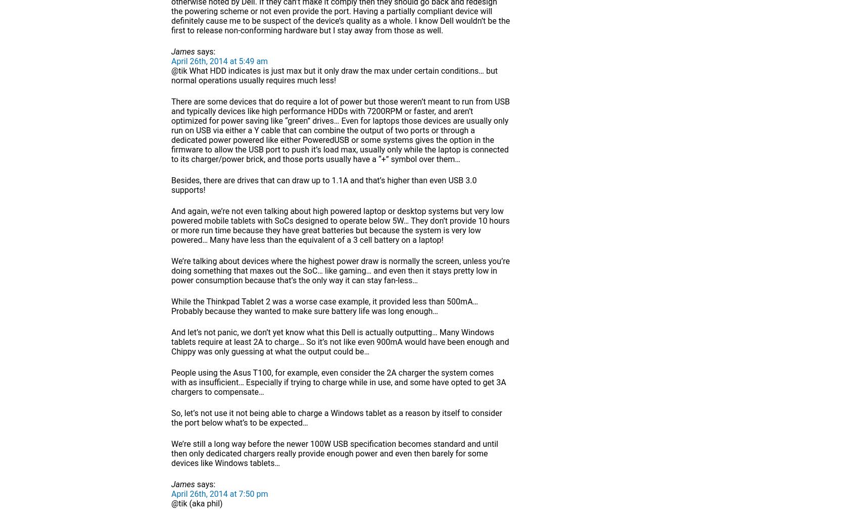 This screenshot has height=518, width=855. What do you see at coordinates (339, 382) in the screenshot?
I see `'People using the Asus T100, for example, even consider the 2A charger the system comes with as insufficient… Especially if trying to charge while in use, and some have opted to get 3A chargers to compensate…'` at bounding box center [339, 382].